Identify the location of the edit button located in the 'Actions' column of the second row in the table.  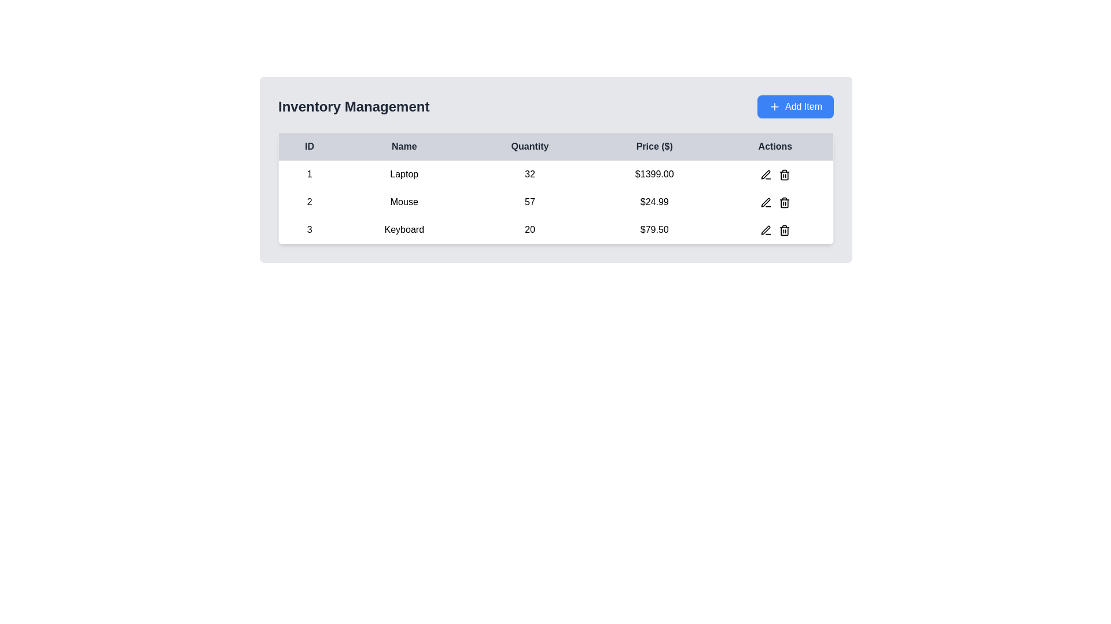
(766, 202).